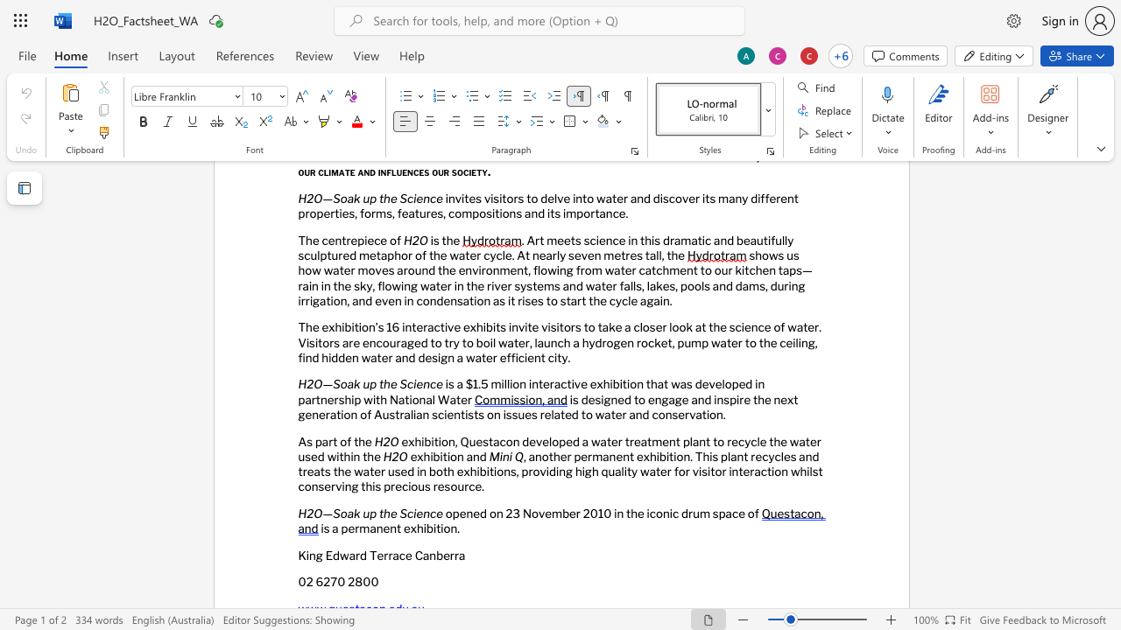 Image resolution: width=1121 pixels, height=630 pixels. Describe the element at coordinates (337, 582) in the screenshot. I see `the space between the continuous character "7" and "0" in the text` at that location.